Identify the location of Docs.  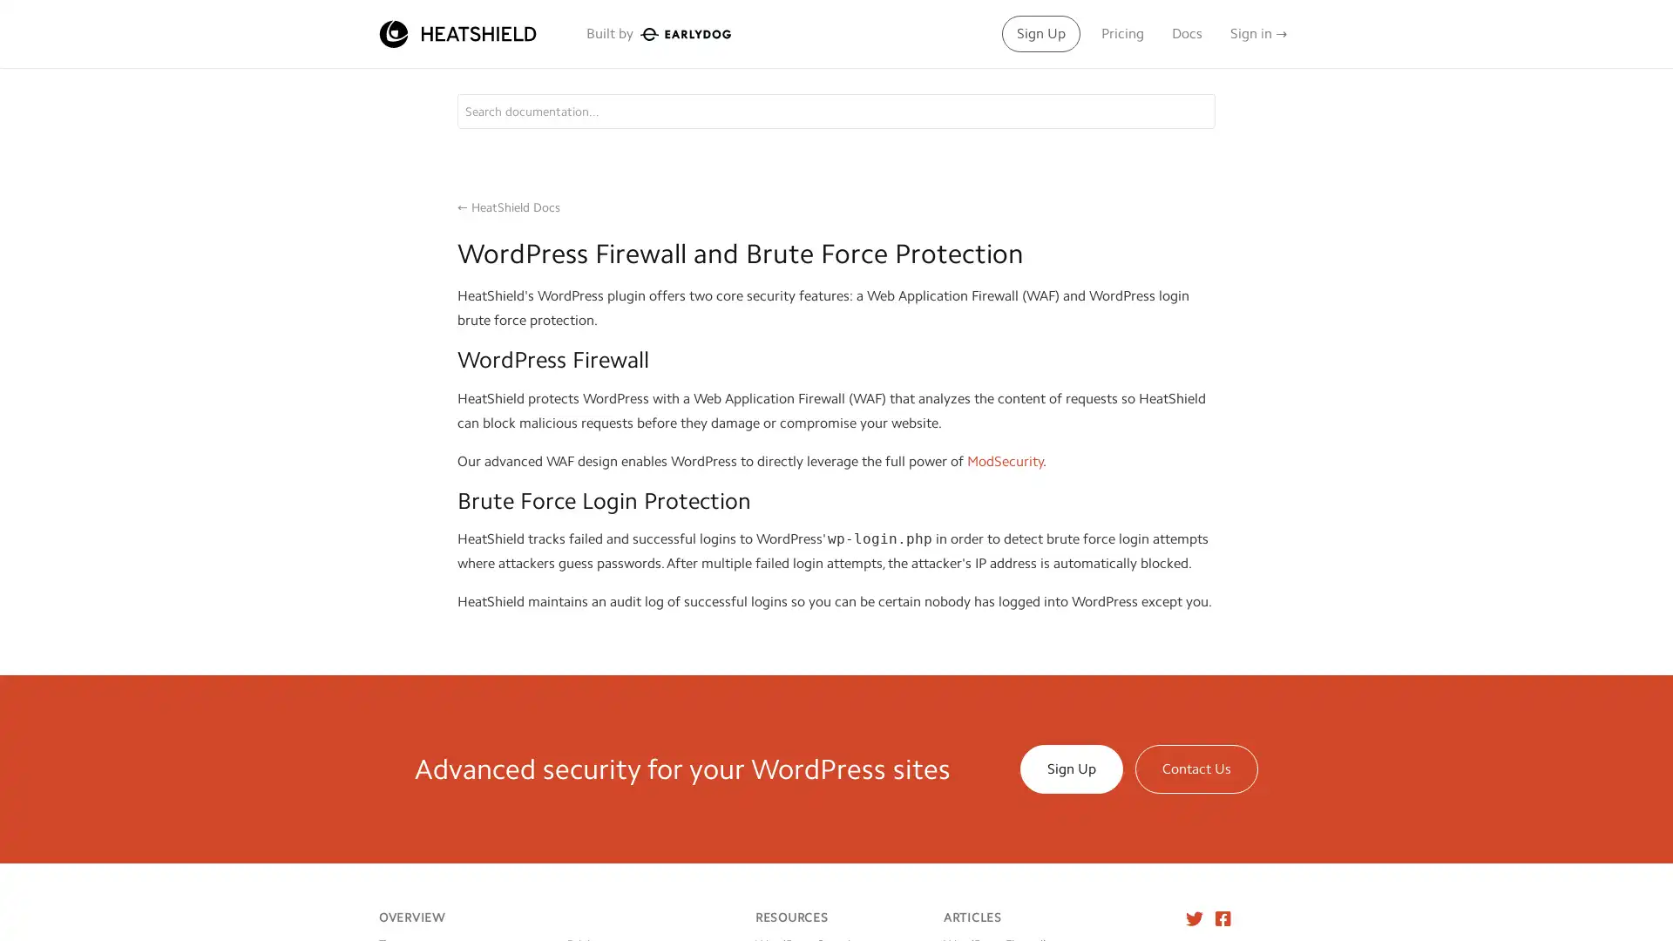
(1186, 33).